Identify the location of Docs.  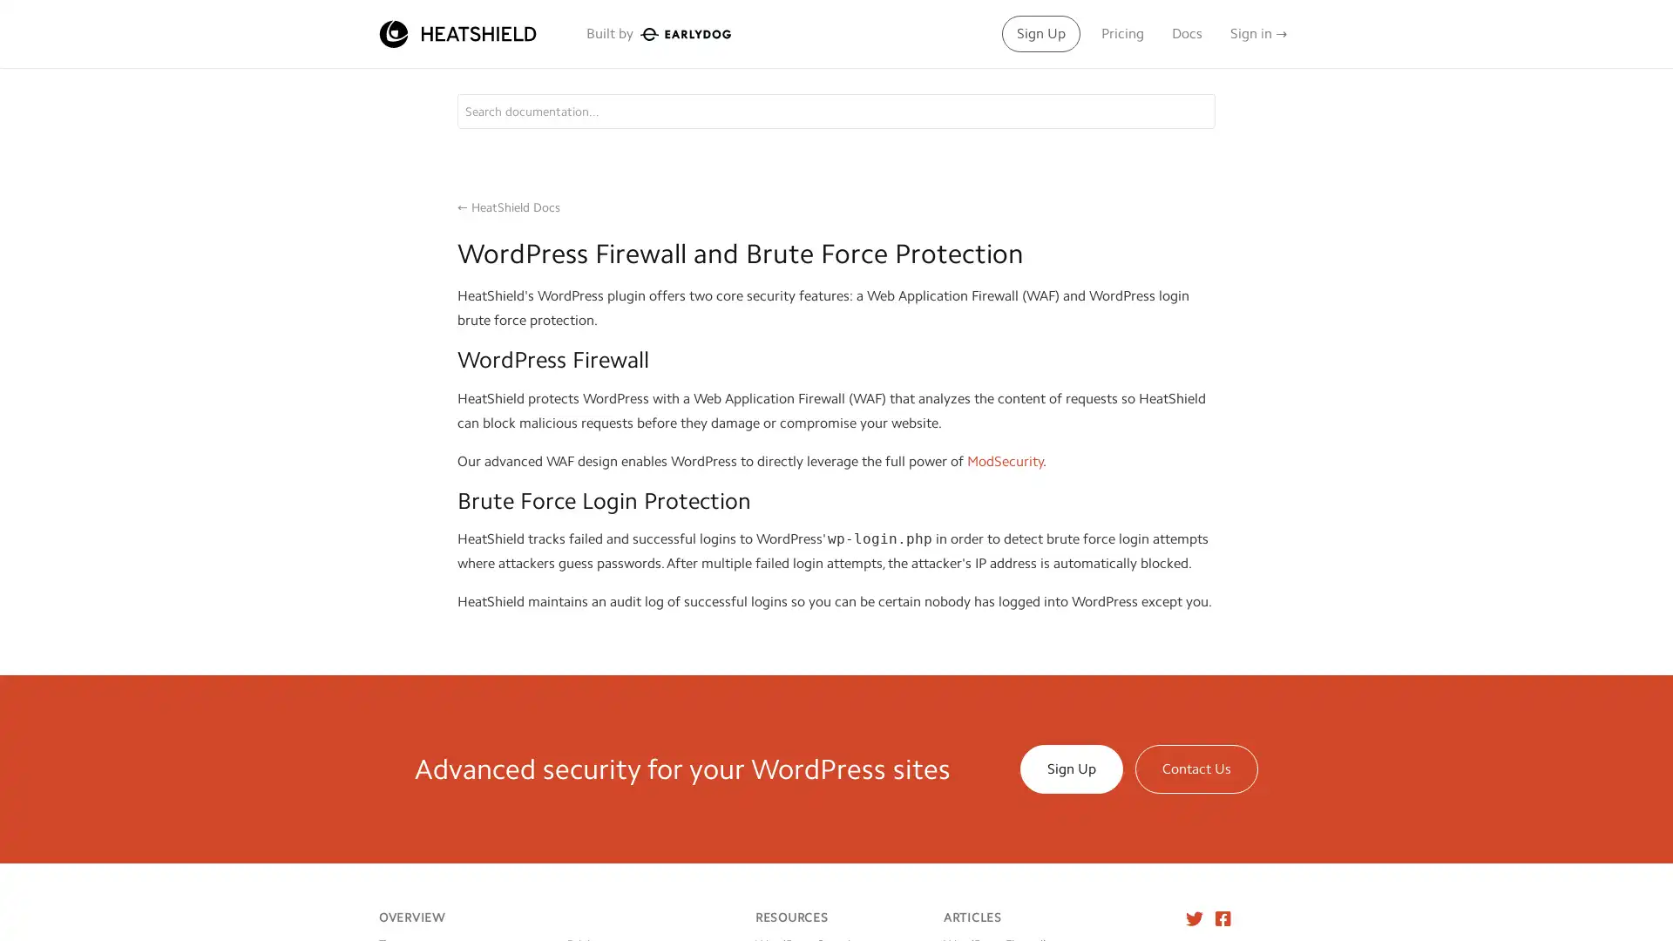
(1186, 33).